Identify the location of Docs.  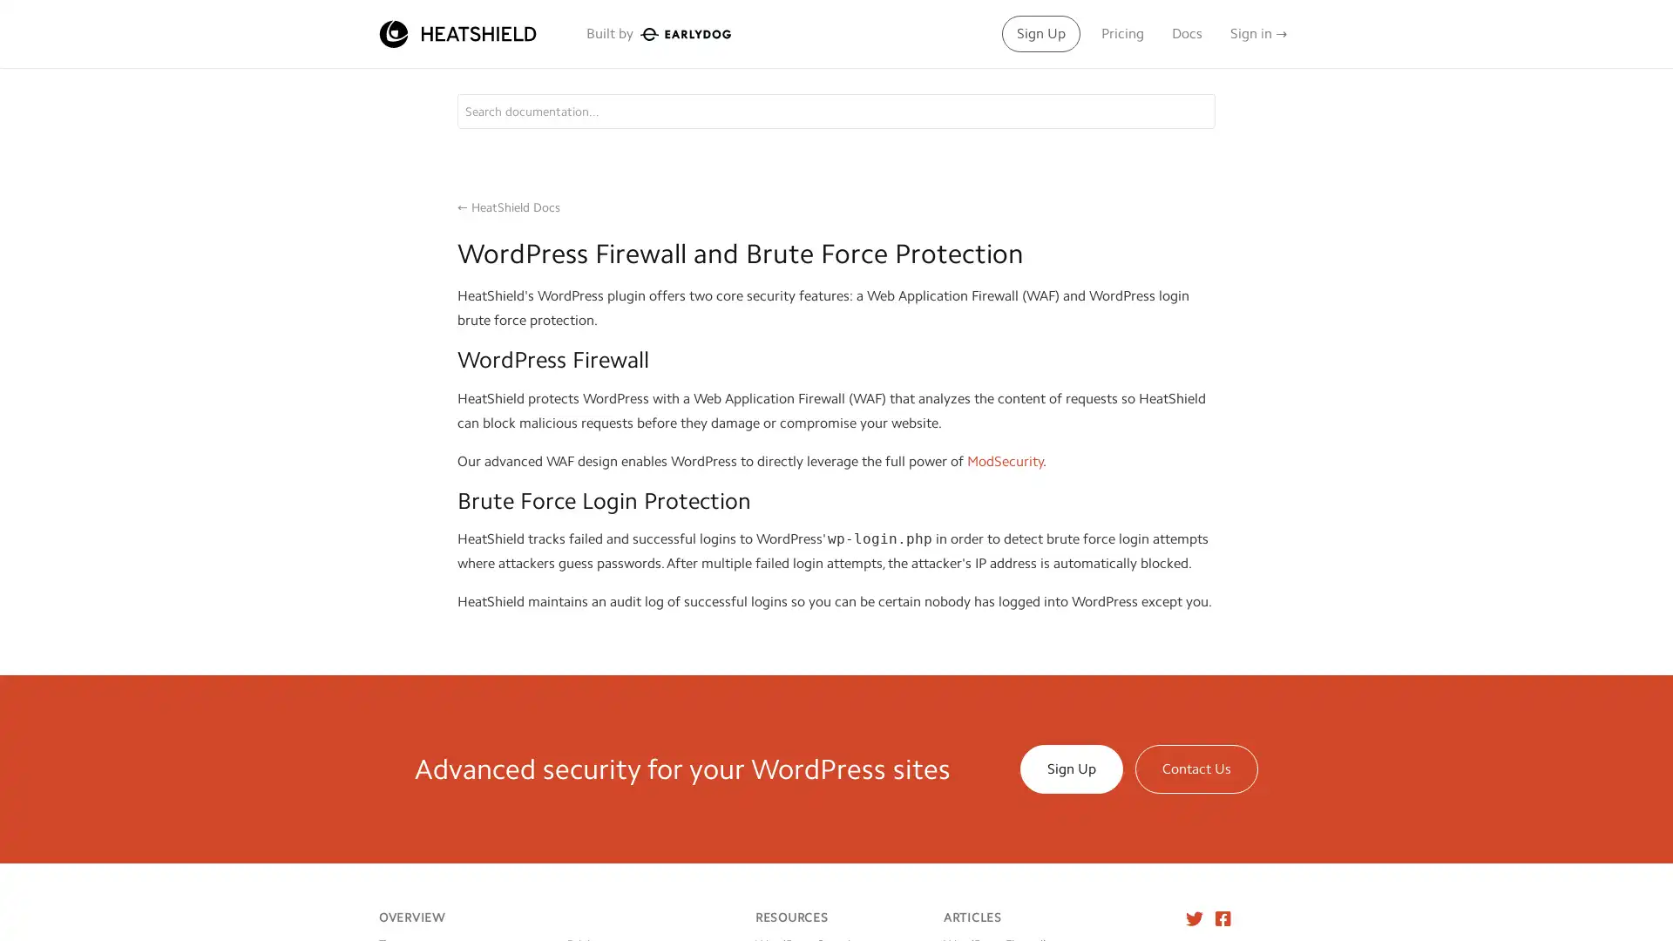
(1186, 33).